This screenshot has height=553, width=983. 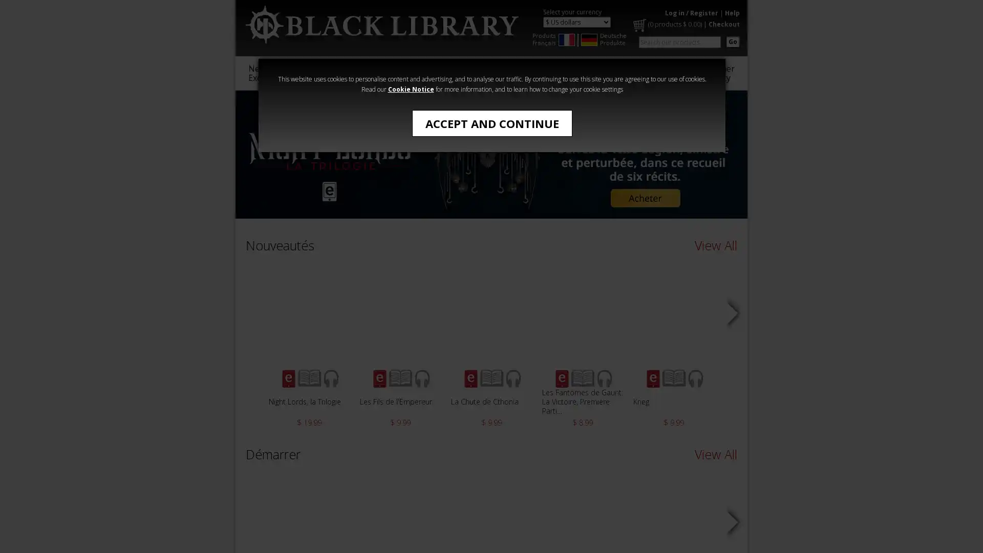 I want to click on Go, so click(x=732, y=41).